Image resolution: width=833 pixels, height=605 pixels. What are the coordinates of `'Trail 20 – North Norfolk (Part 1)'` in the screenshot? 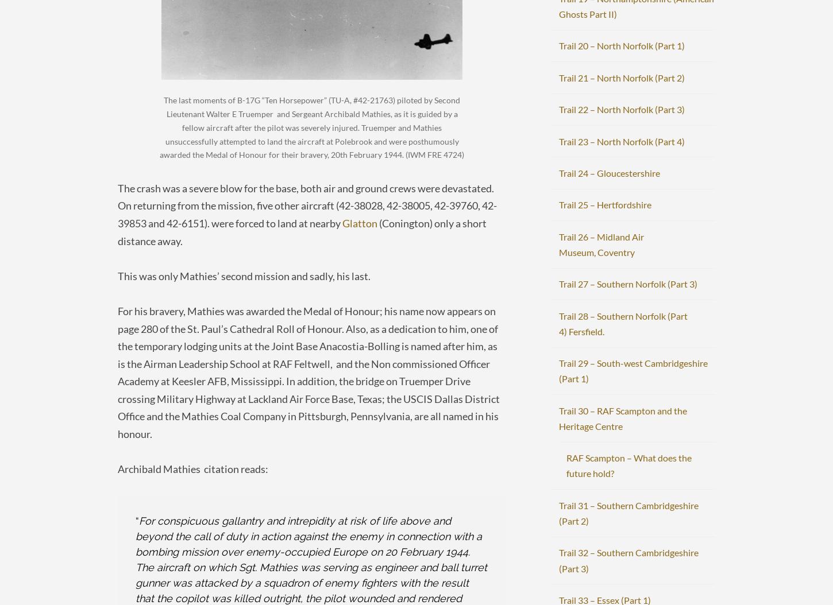 It's located at (621, 45).